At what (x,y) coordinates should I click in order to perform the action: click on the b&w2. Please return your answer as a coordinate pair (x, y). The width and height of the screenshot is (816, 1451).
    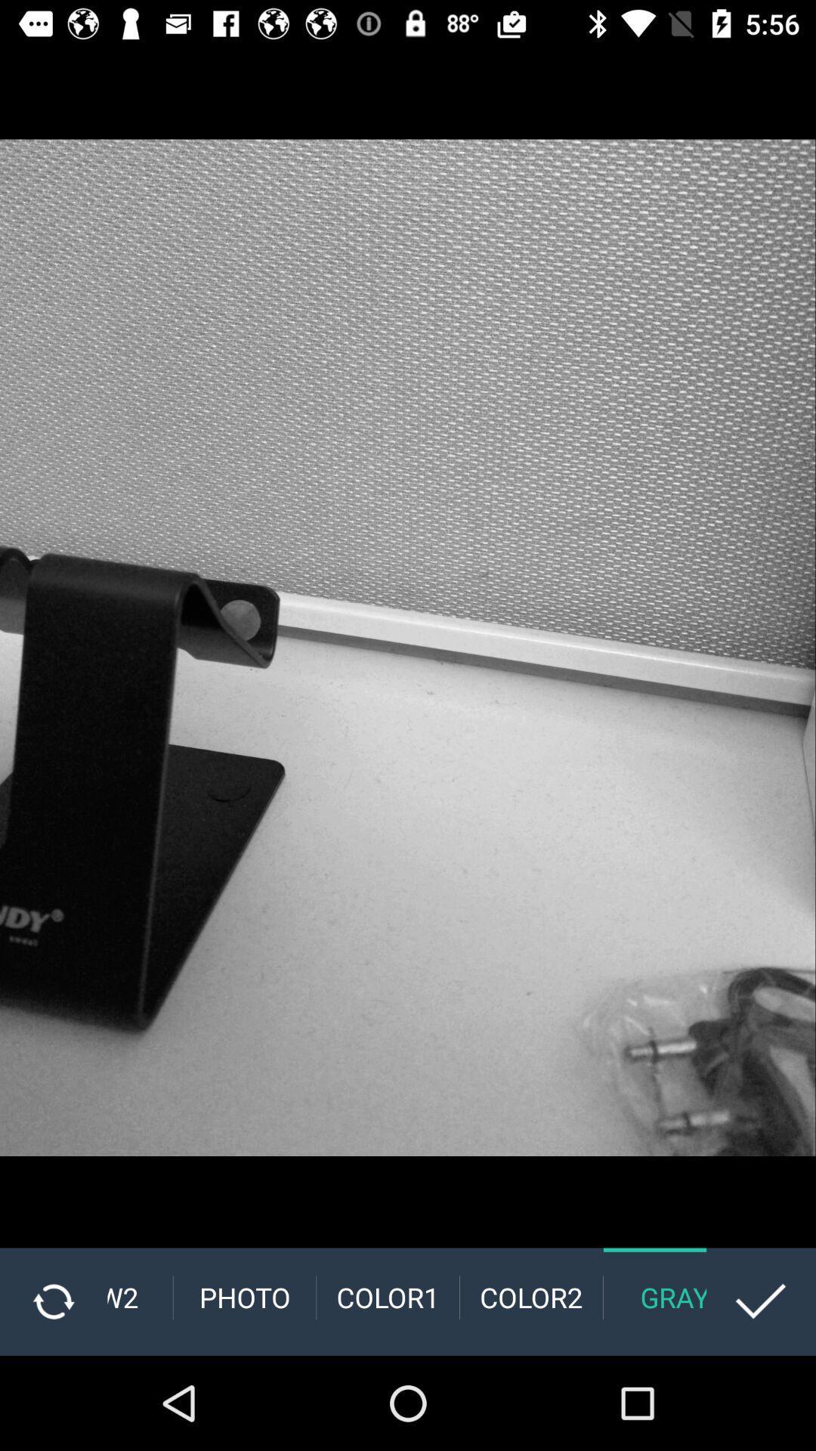
    Looking at the image, I should click on (140, 1297).